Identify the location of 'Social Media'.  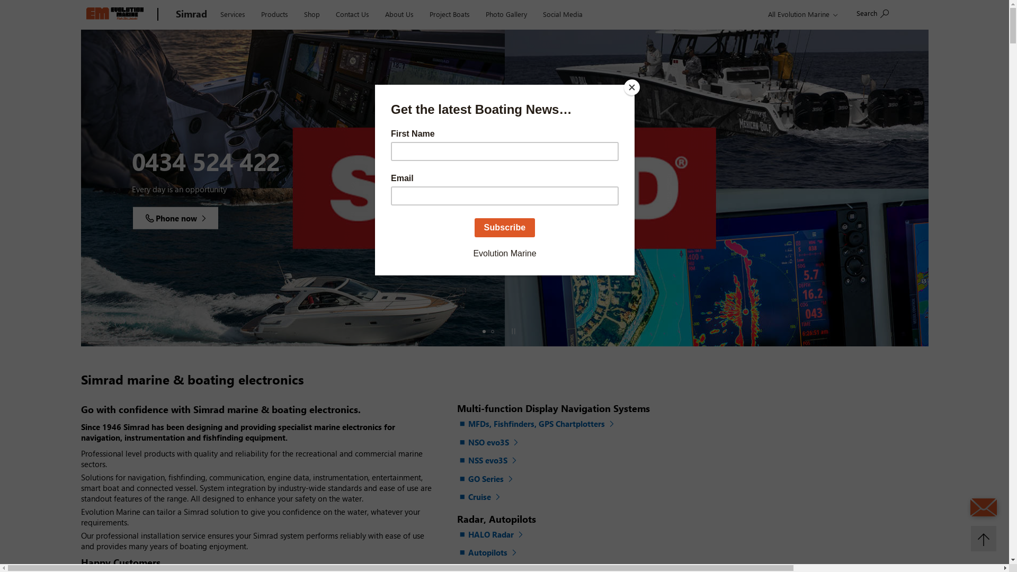
(538, 13).